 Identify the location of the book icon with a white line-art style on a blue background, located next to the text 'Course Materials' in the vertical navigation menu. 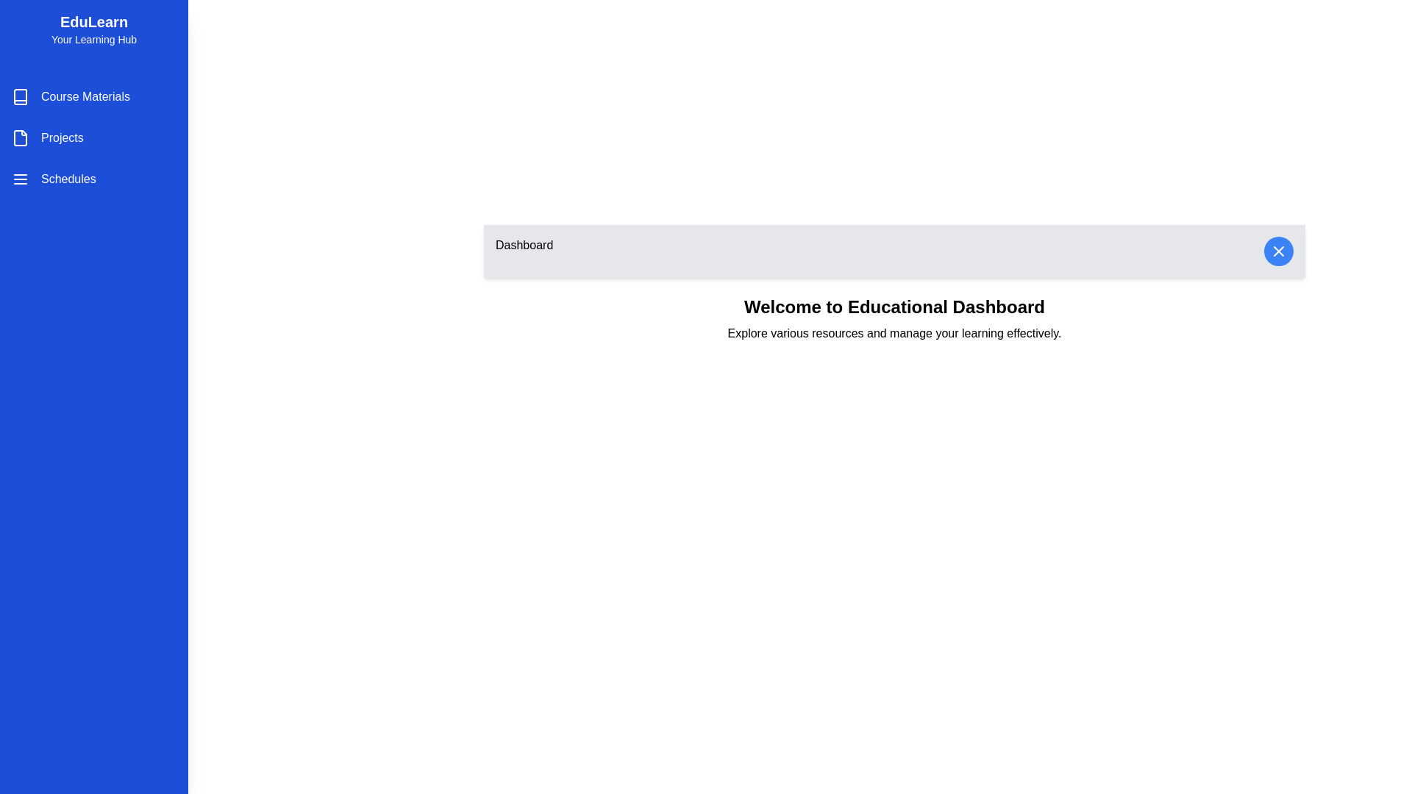
(21, 96).